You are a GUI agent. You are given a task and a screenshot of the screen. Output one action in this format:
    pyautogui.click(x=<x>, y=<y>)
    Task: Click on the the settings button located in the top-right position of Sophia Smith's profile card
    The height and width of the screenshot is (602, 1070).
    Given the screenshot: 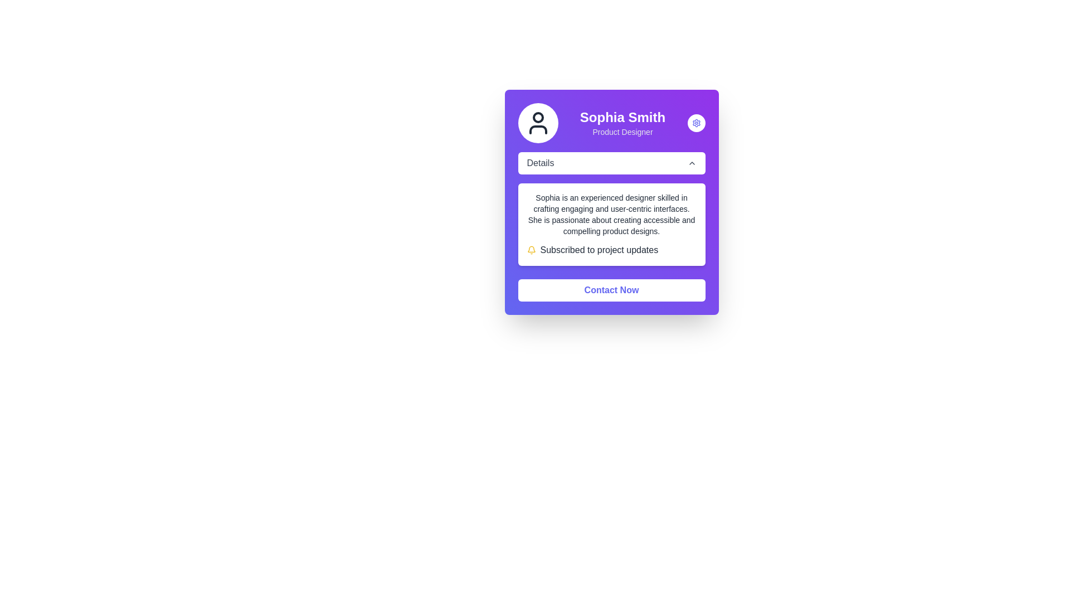 What is the action you would take?
    pyautogui.click(x=695, y=123)
    